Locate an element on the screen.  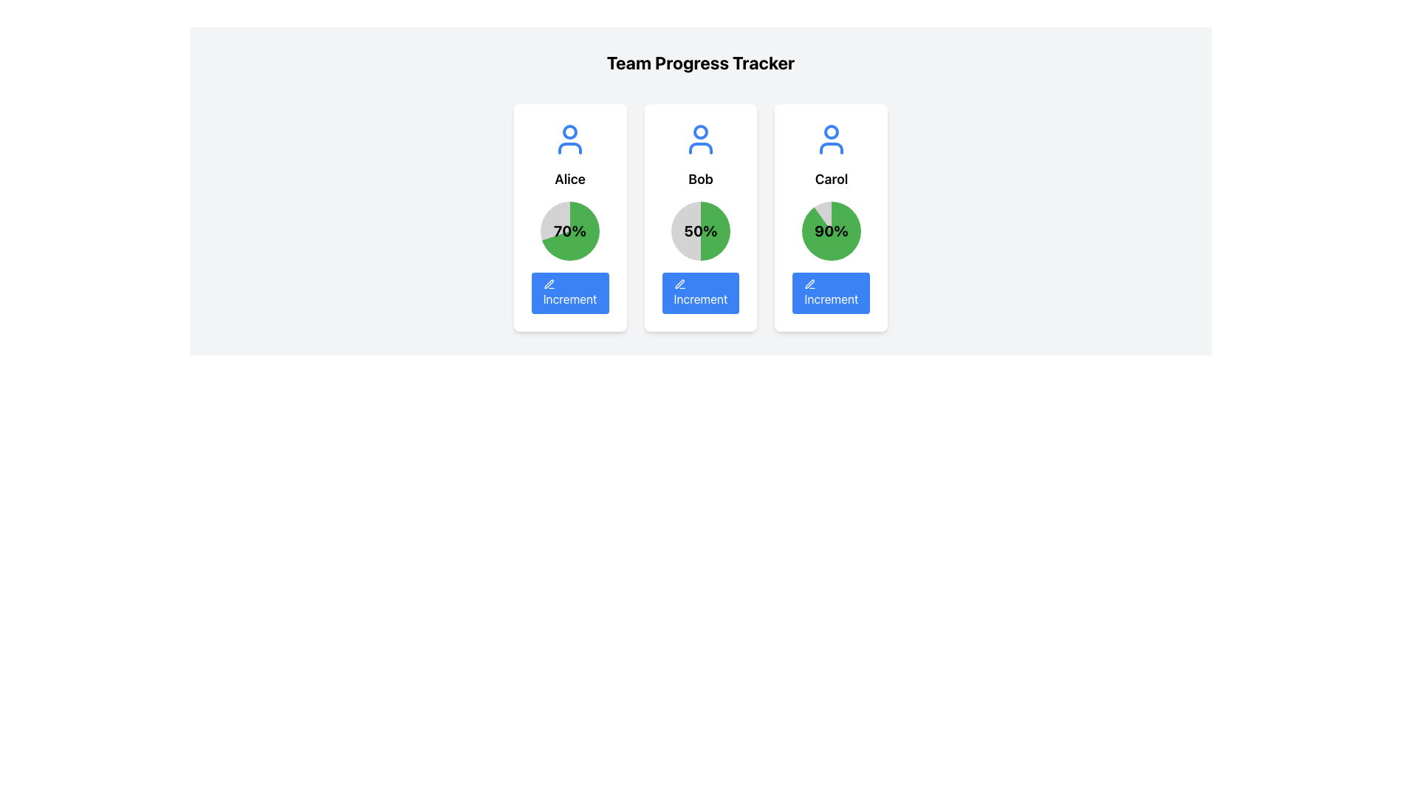
the Avatar Icon representing the user 'Carol' located at the top section of the card, centered horizontally above the textual label and progress indicator is located at coordinates (831, 140).